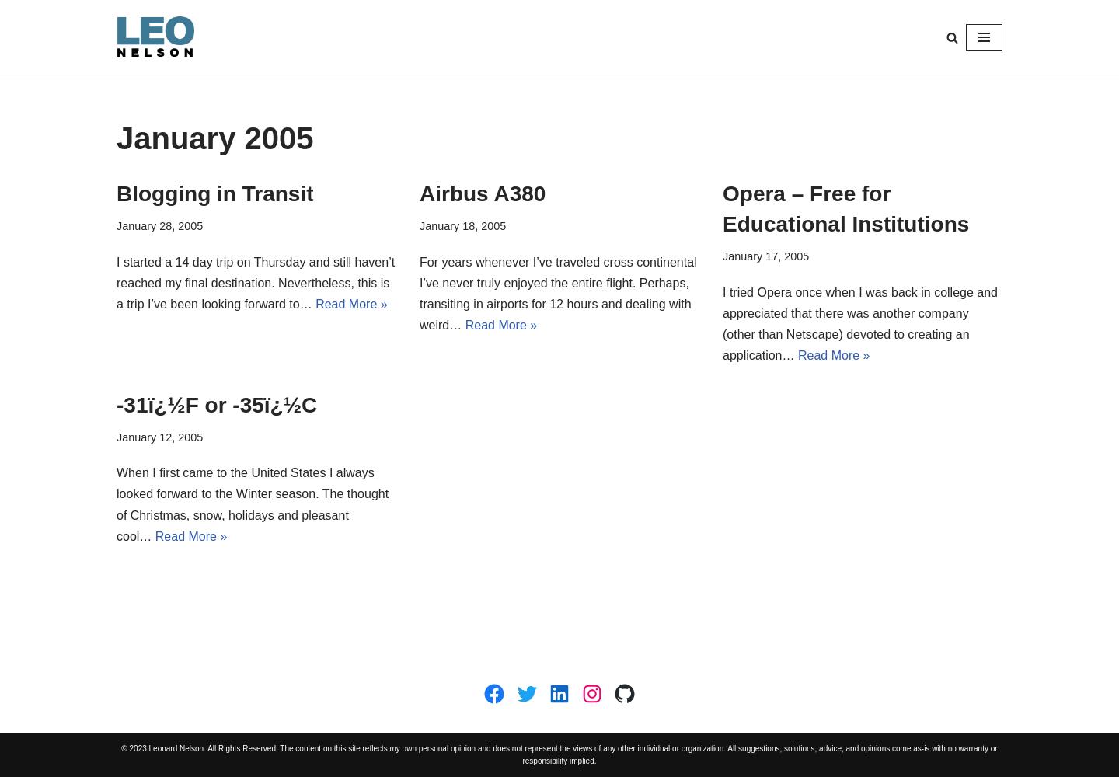 The height and width of the screenshot is (777, 1119). Describe the element at coordinates (845, 209) in the screenshot. I see `'Opera – Free for Educational Institutions'` at that location.